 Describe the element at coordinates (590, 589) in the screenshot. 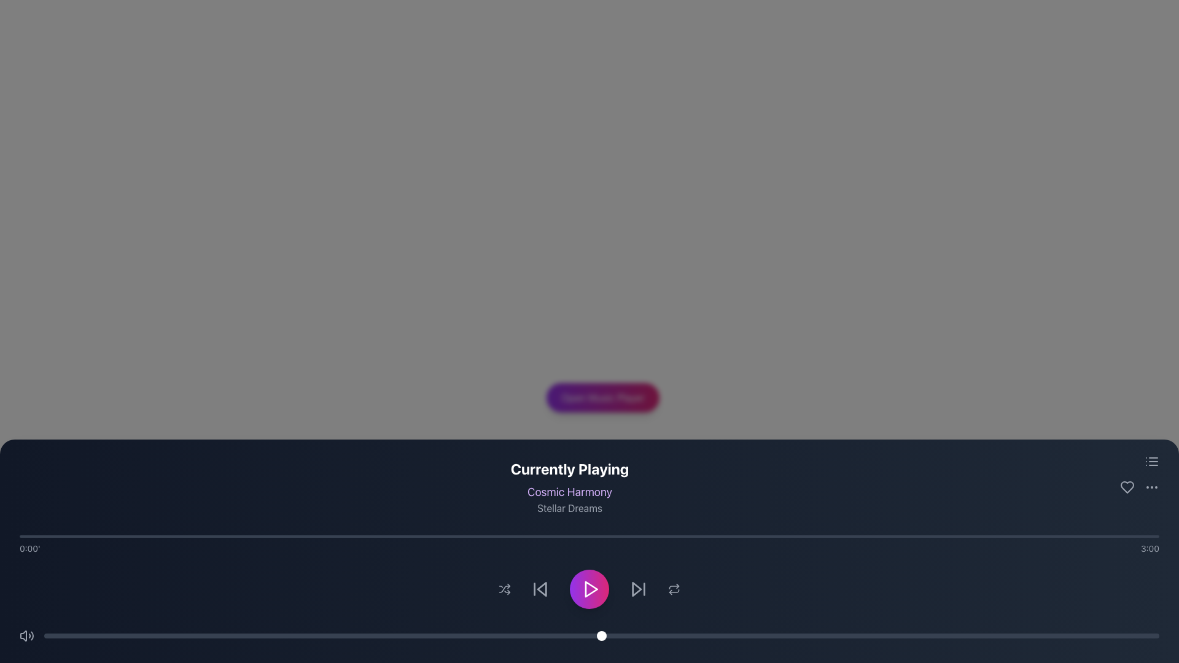

I see `the SVG-based Play button located at the center of the playback controls to initiate playback` at that location.